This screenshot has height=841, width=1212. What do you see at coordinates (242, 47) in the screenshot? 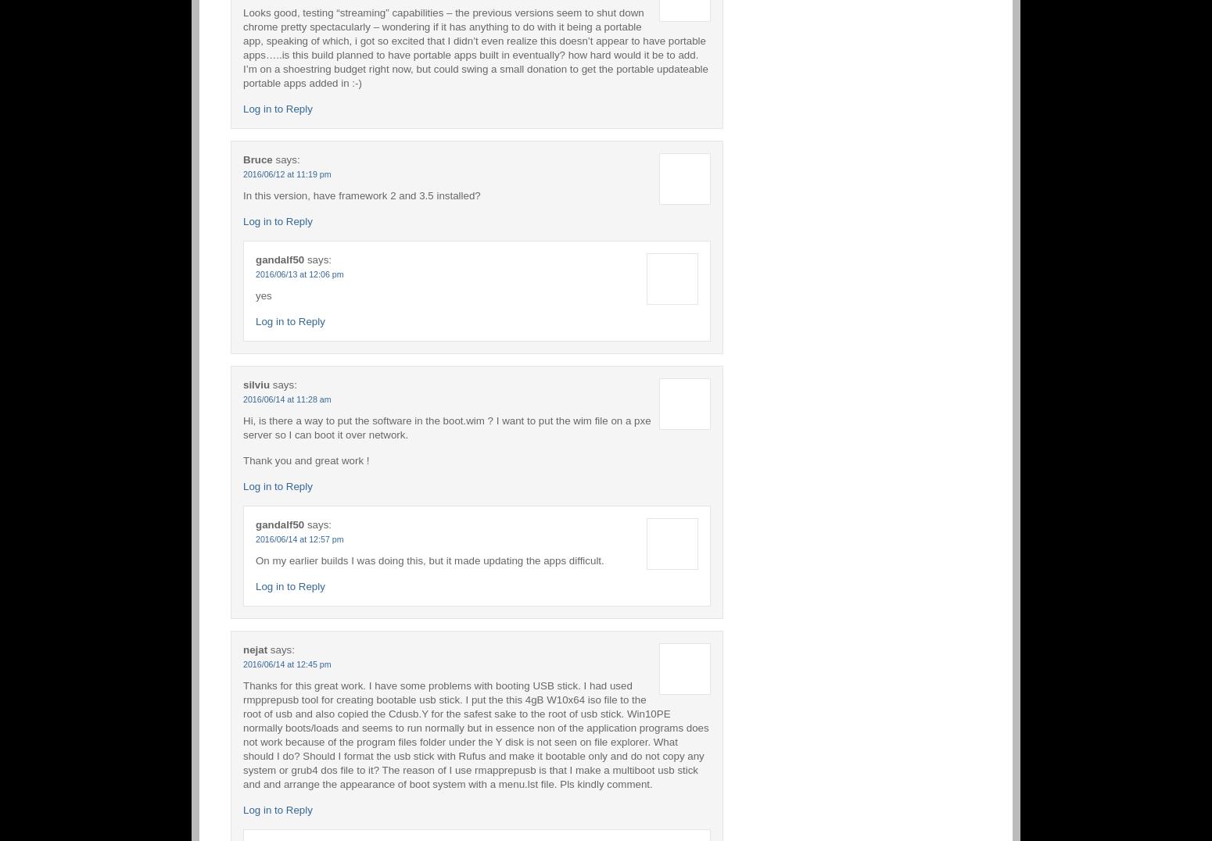
I see `'Looks good, testing “streaming” capabilities – the previous versions seem to shut down chrome pretty spectacularly – wondering if it has anything to do with it being a portable app, speaking of which, i got so excited that I didn’t even realize this doesn’t appear to have portable apps…..is this build planned to have portable apps built in eventually? how hard would it be to add. I’m on a shoestring budget right now, but could swing a small donation to get the portable updateable portable apps added in :-)'` at bounding box center [242, 47].